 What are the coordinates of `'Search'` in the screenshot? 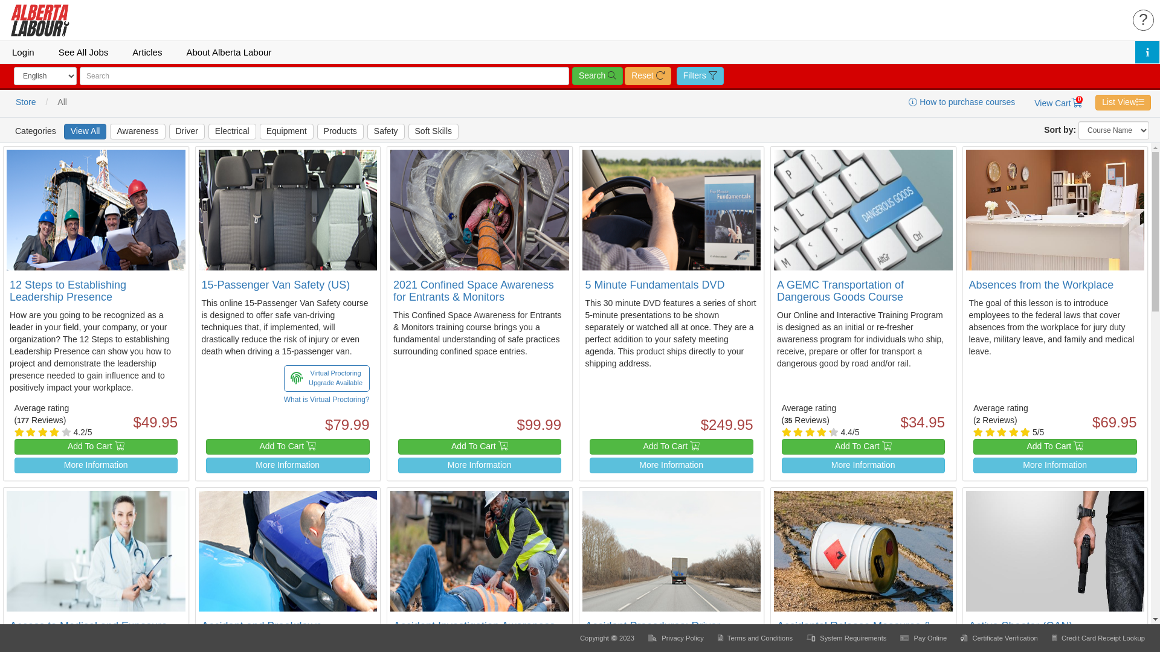 It's located at (597, 76).